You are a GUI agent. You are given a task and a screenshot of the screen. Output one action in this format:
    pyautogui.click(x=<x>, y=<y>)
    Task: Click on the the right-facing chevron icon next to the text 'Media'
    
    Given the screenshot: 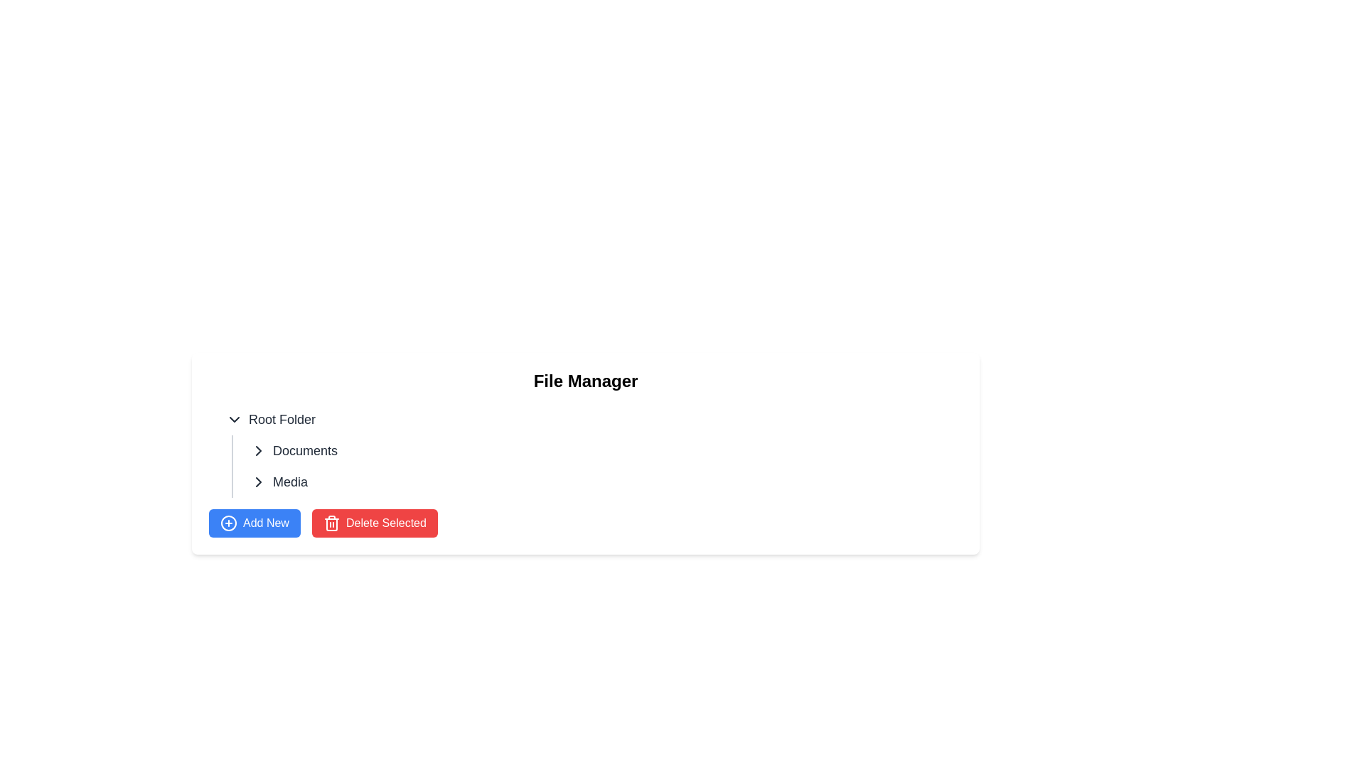 What is the action you would take?
    pyautogui.click(x=259, y=481)
    